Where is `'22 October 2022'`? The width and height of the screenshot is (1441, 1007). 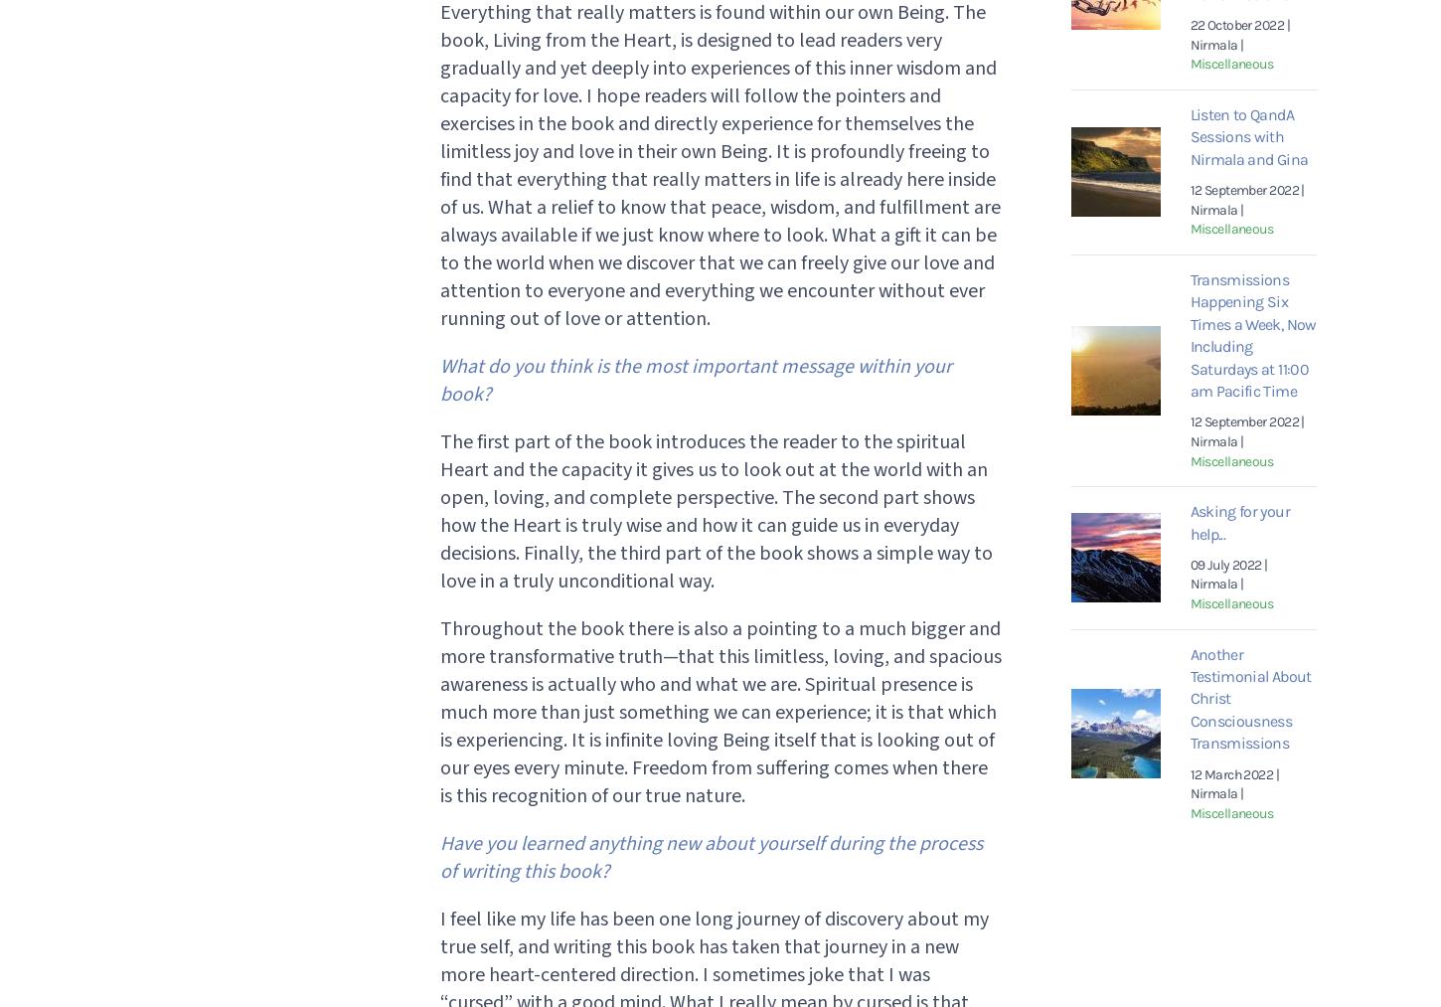 '22 October 2022' is located at coordinates (1236, 24).